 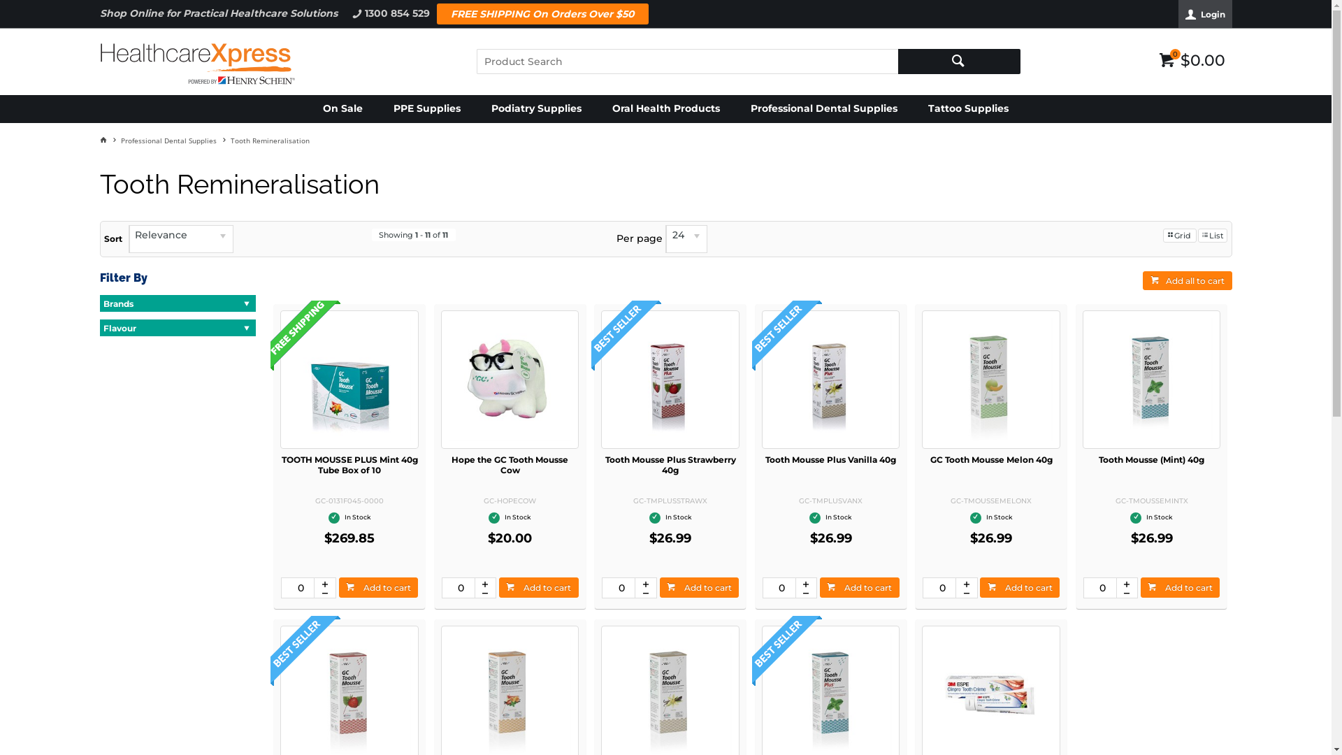 What do you see at coordinates (1186, 280) in the screenshot?
I see `'Add all to cart'` at bounding box center [1186, 280].